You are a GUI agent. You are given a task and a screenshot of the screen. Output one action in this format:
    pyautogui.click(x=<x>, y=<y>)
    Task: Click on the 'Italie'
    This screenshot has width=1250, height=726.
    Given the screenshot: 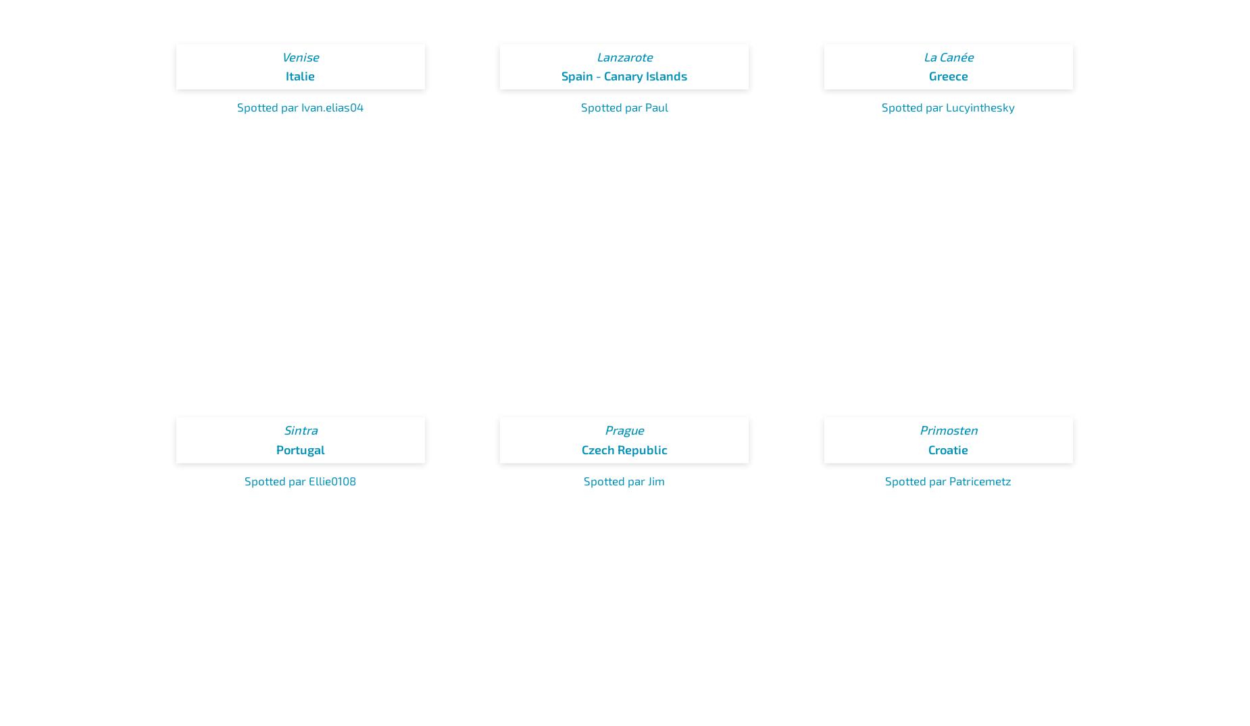 What is the action you would take?
    pyautogui.click(x=299, y=75)
    